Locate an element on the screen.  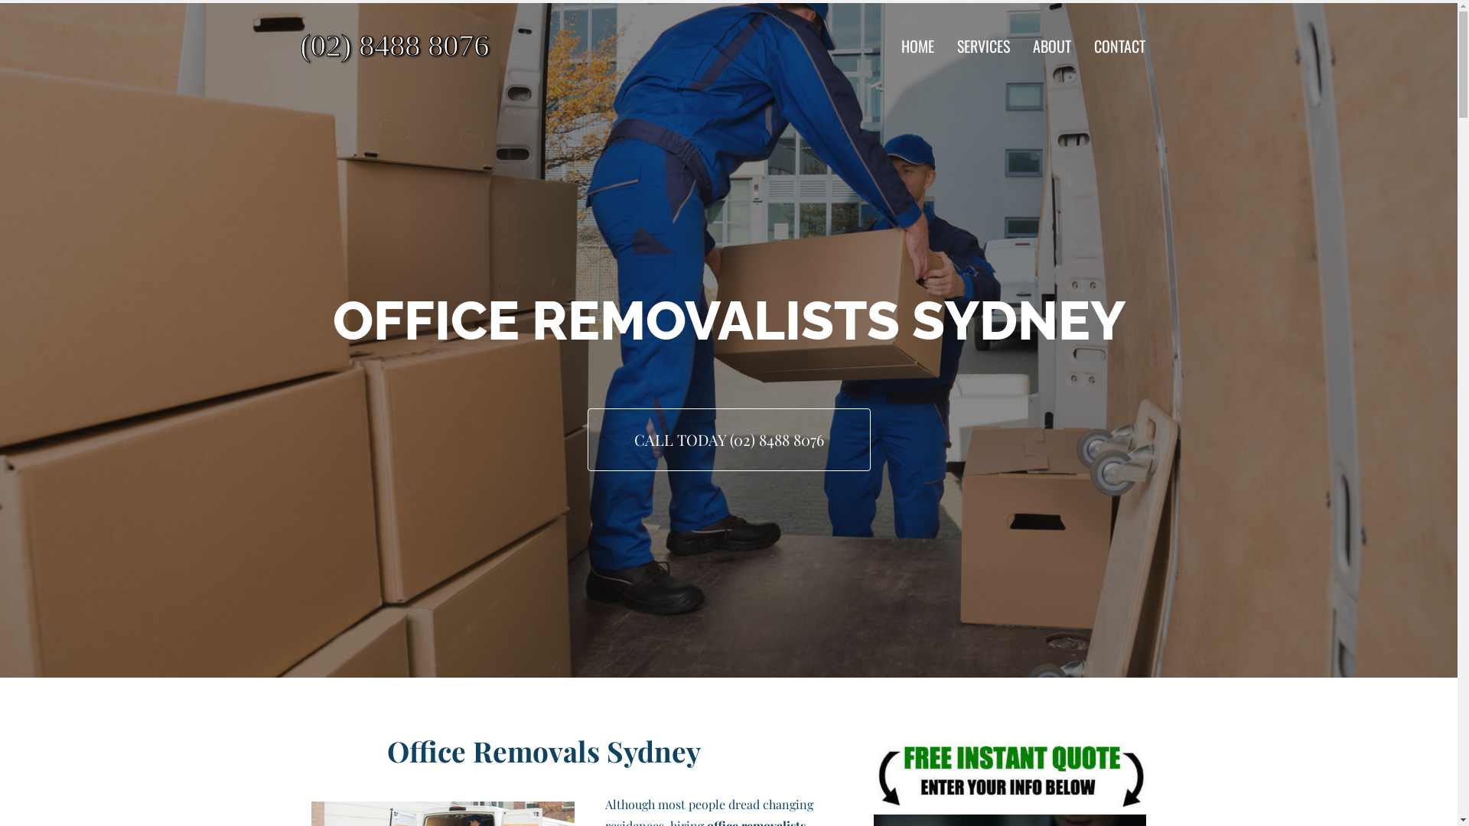
'SERVICES' is located at coordinates (983, 45).